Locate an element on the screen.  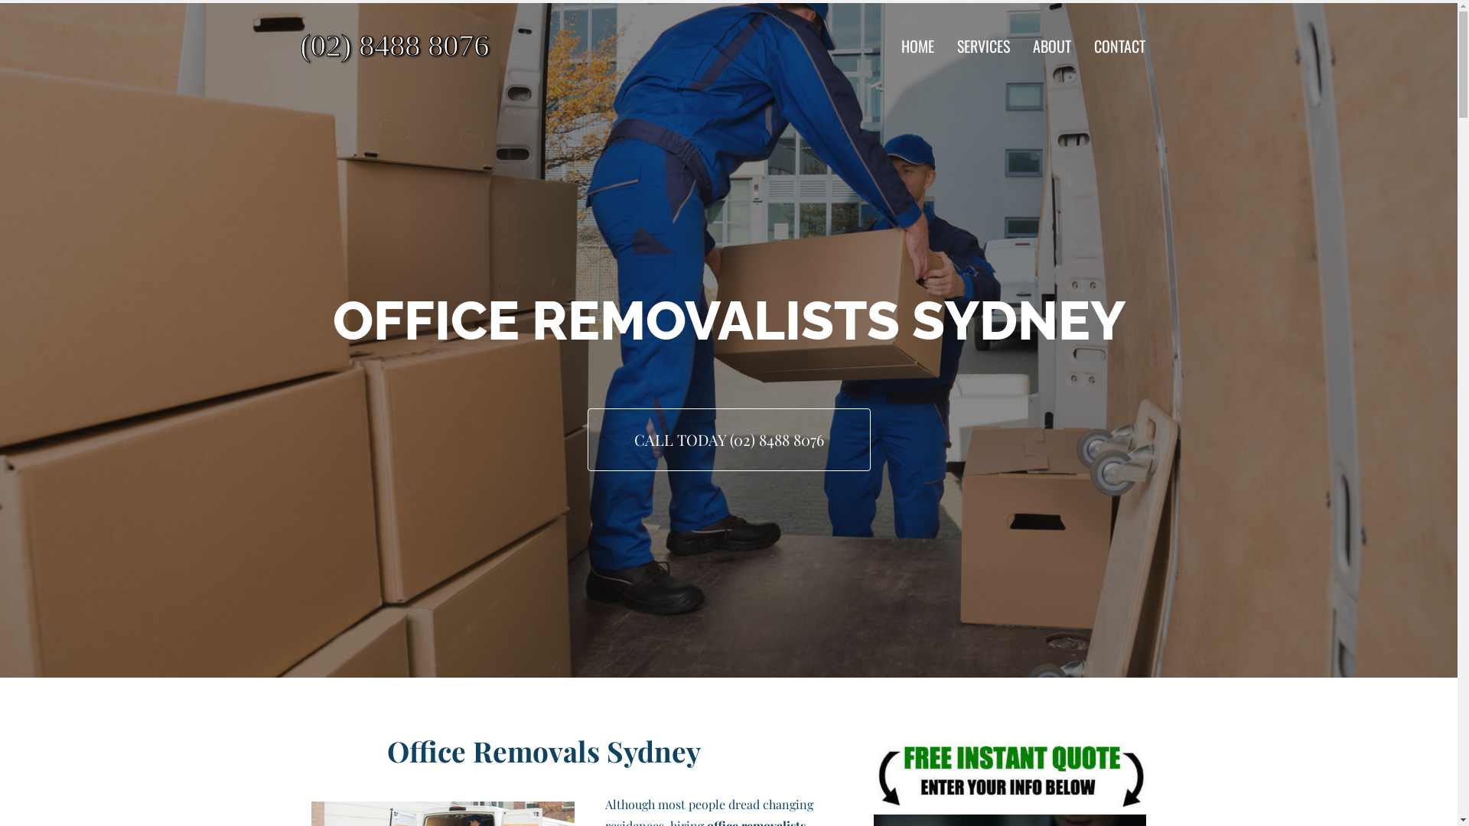
'SERVICES' is located at coordinates (983, 45).